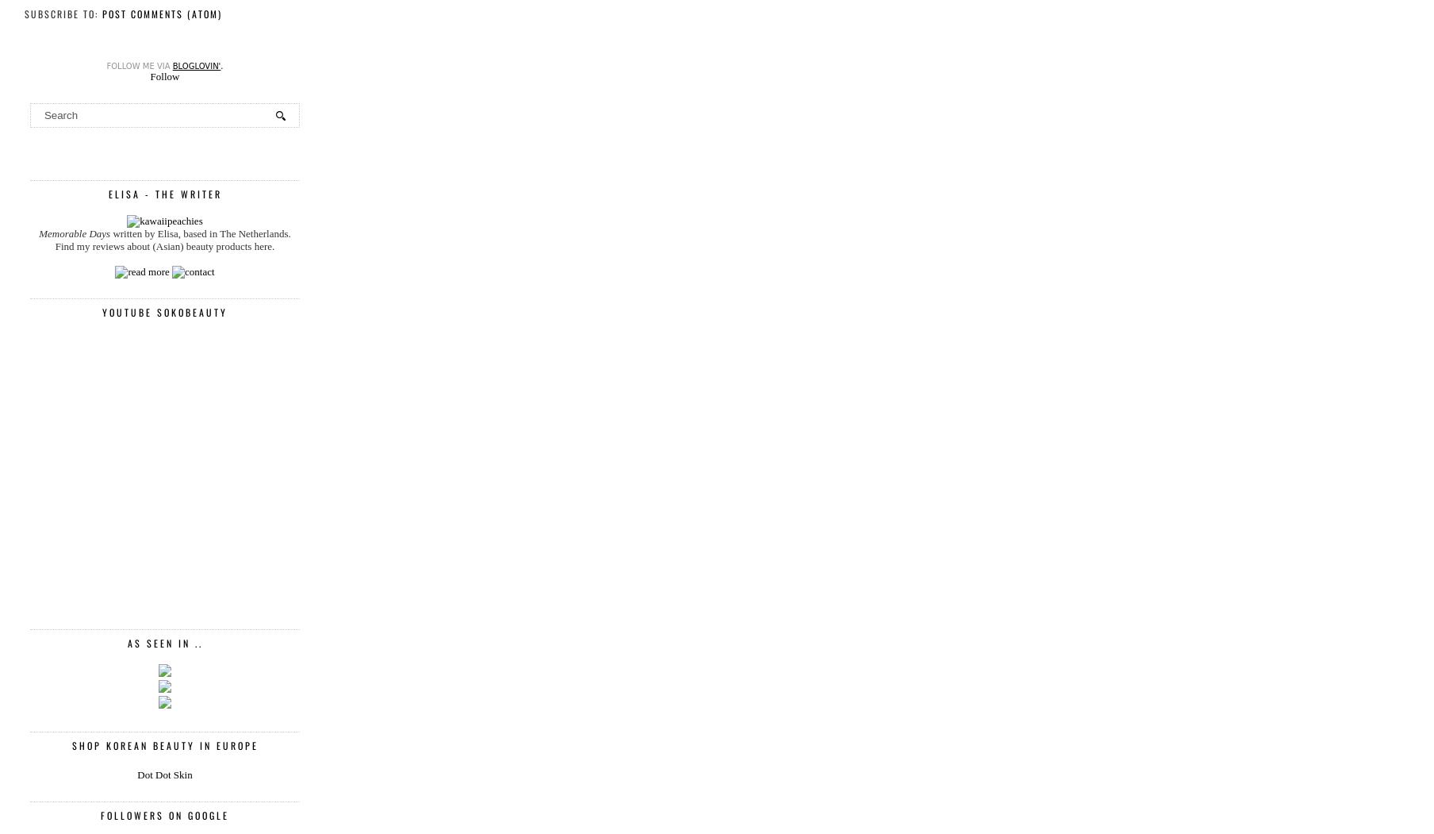 The height and width of the screenshot is (834, 1434). Describe the element at coordinates (162, 13) in the screenshot. I see `'Post Comments (Atom)'` at that location.